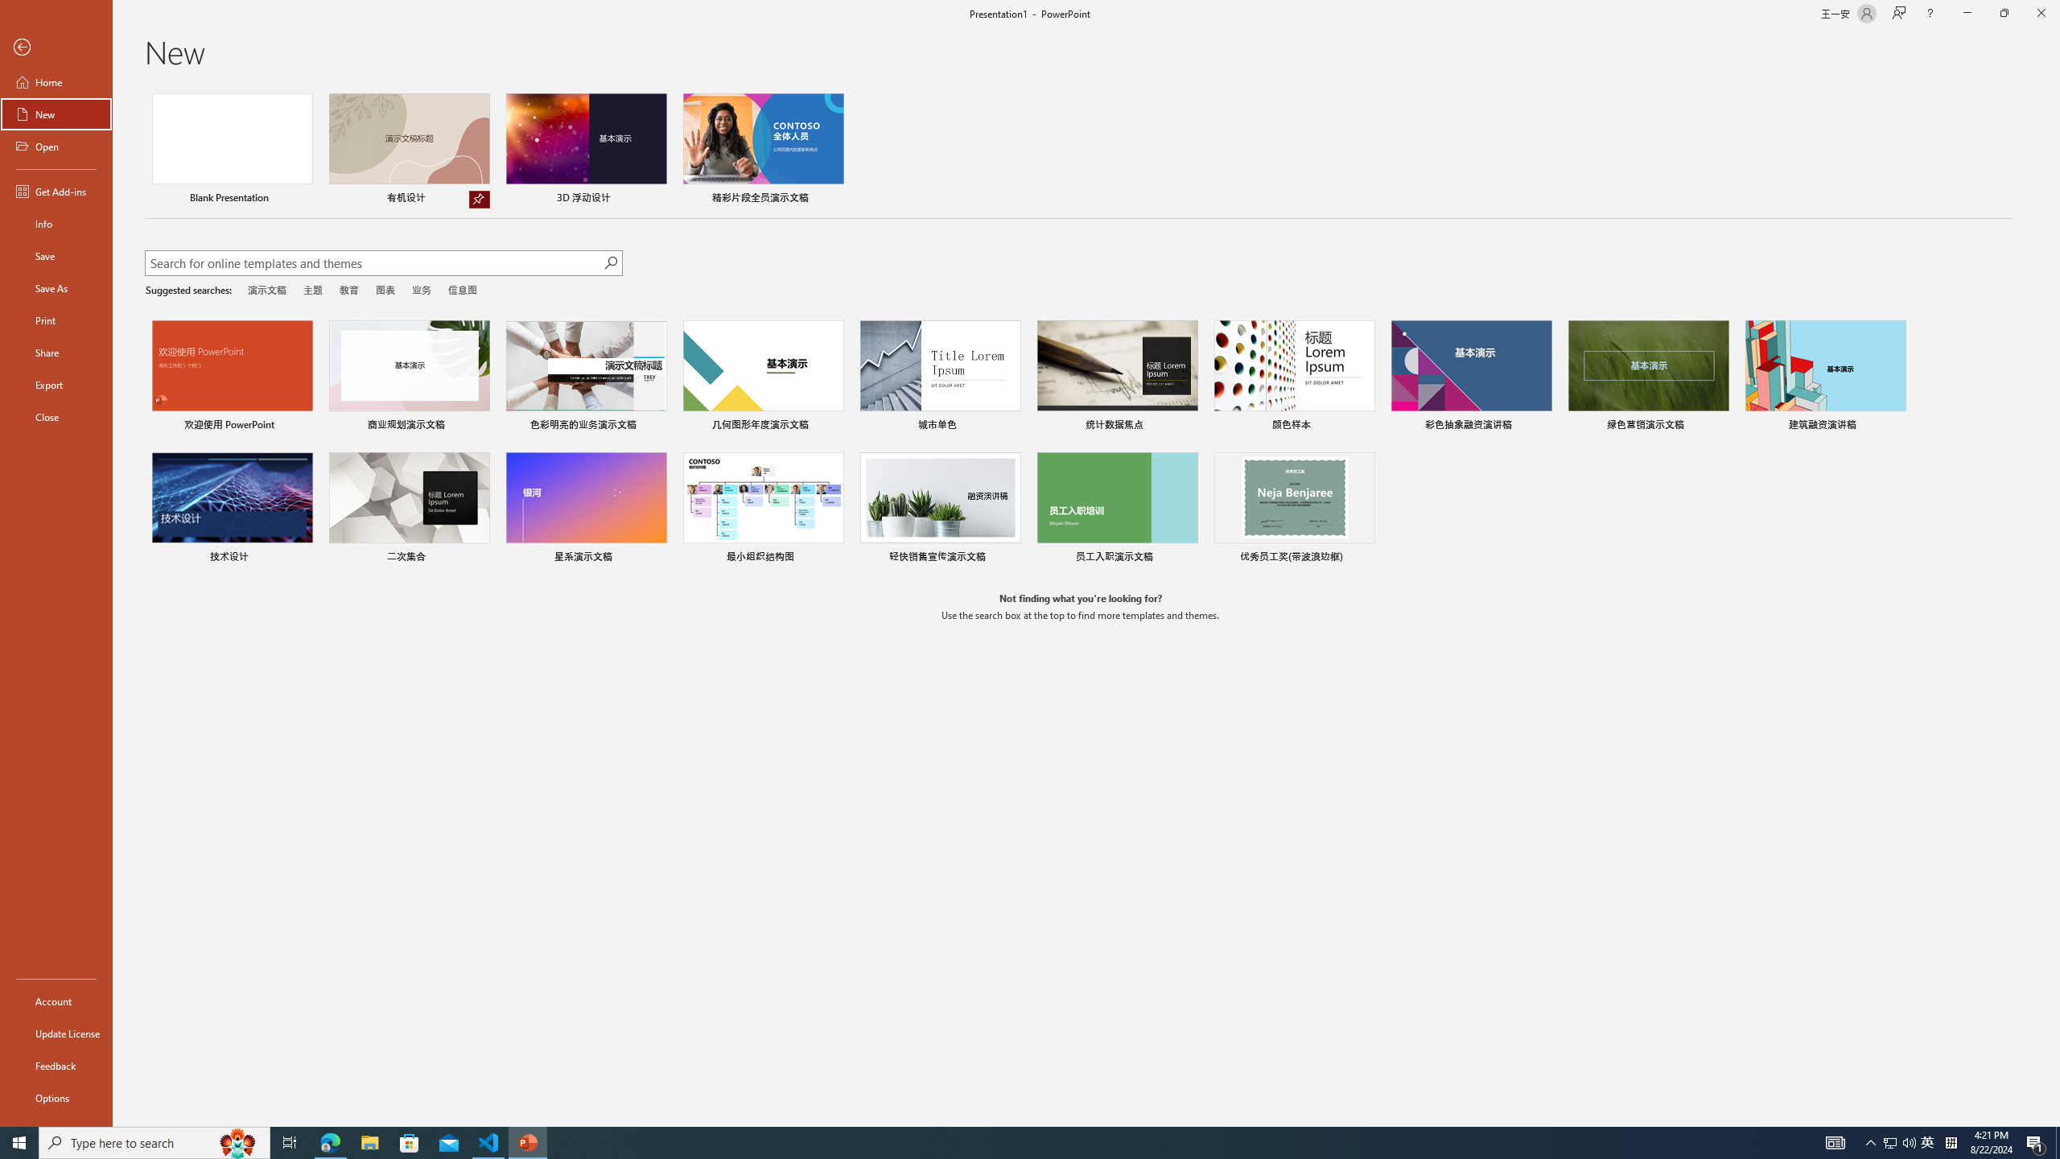  I want to click on 'Export', so click(56, 385).